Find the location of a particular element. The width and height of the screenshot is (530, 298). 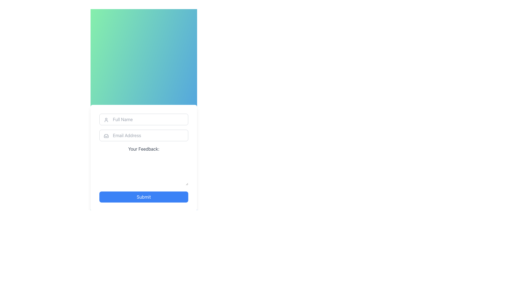

the 'Submit' button, which is a rectangular button with rounded corners, a solid blue background, and white text, located below the 'Your Feedback:' text input area is located at coordinates (144, 196).